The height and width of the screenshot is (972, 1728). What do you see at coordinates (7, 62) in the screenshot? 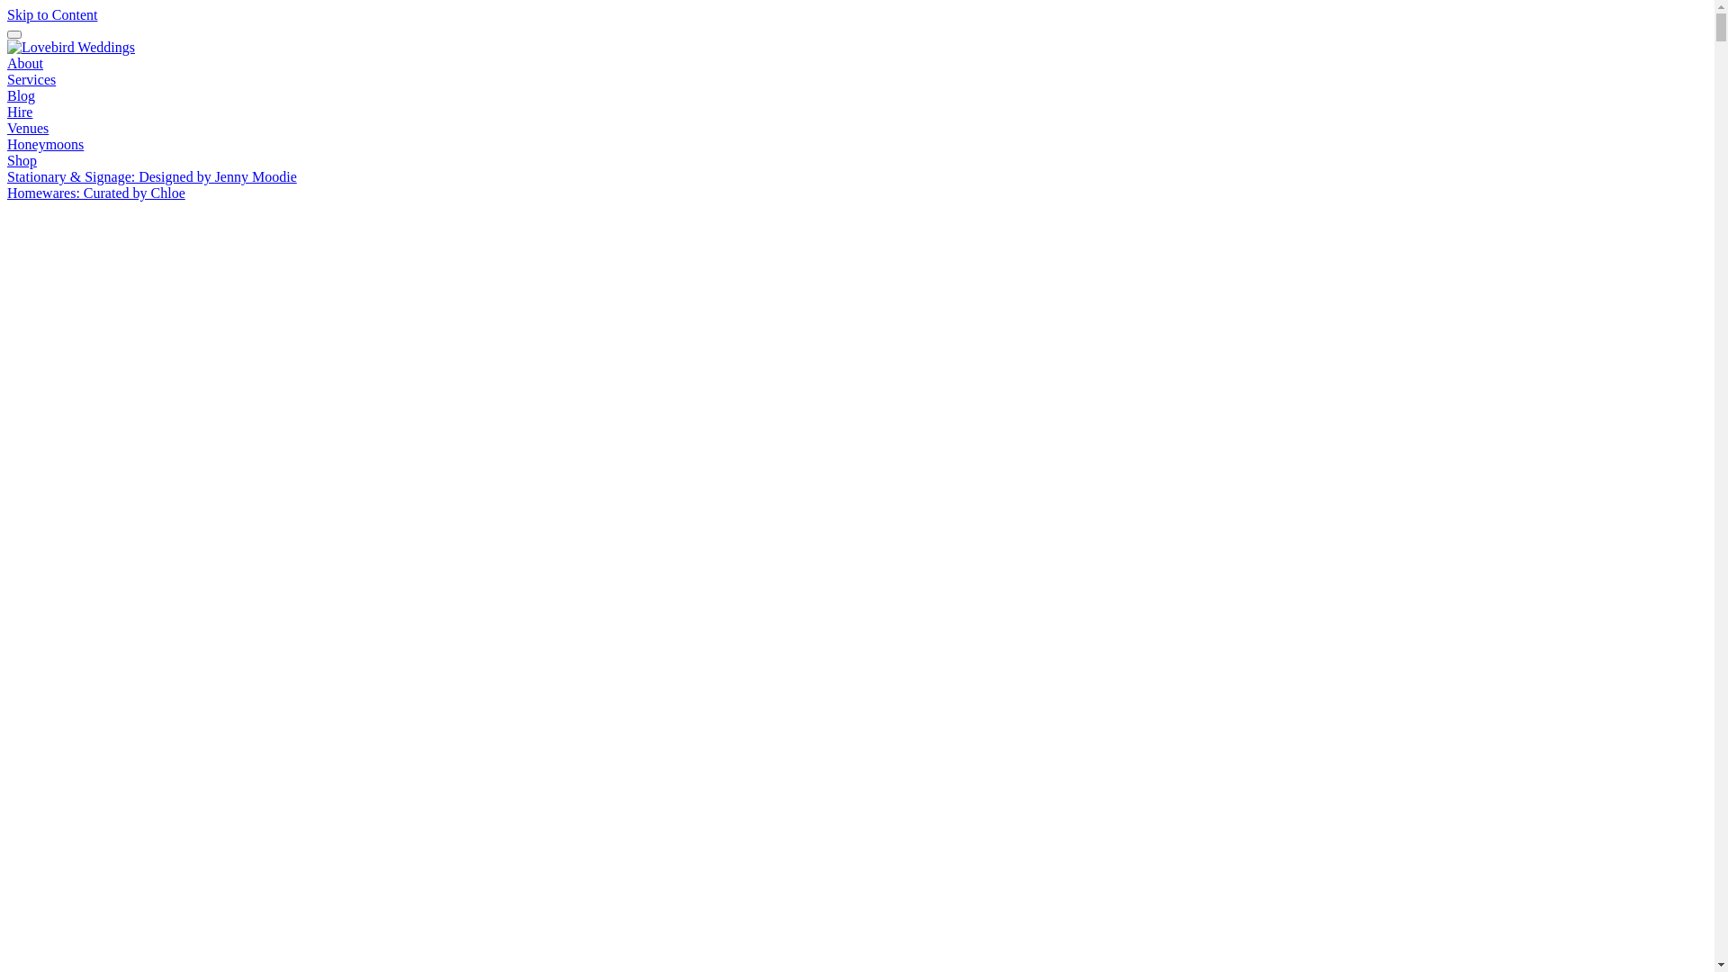
I see `'About'` at bounding box center [7, 62].